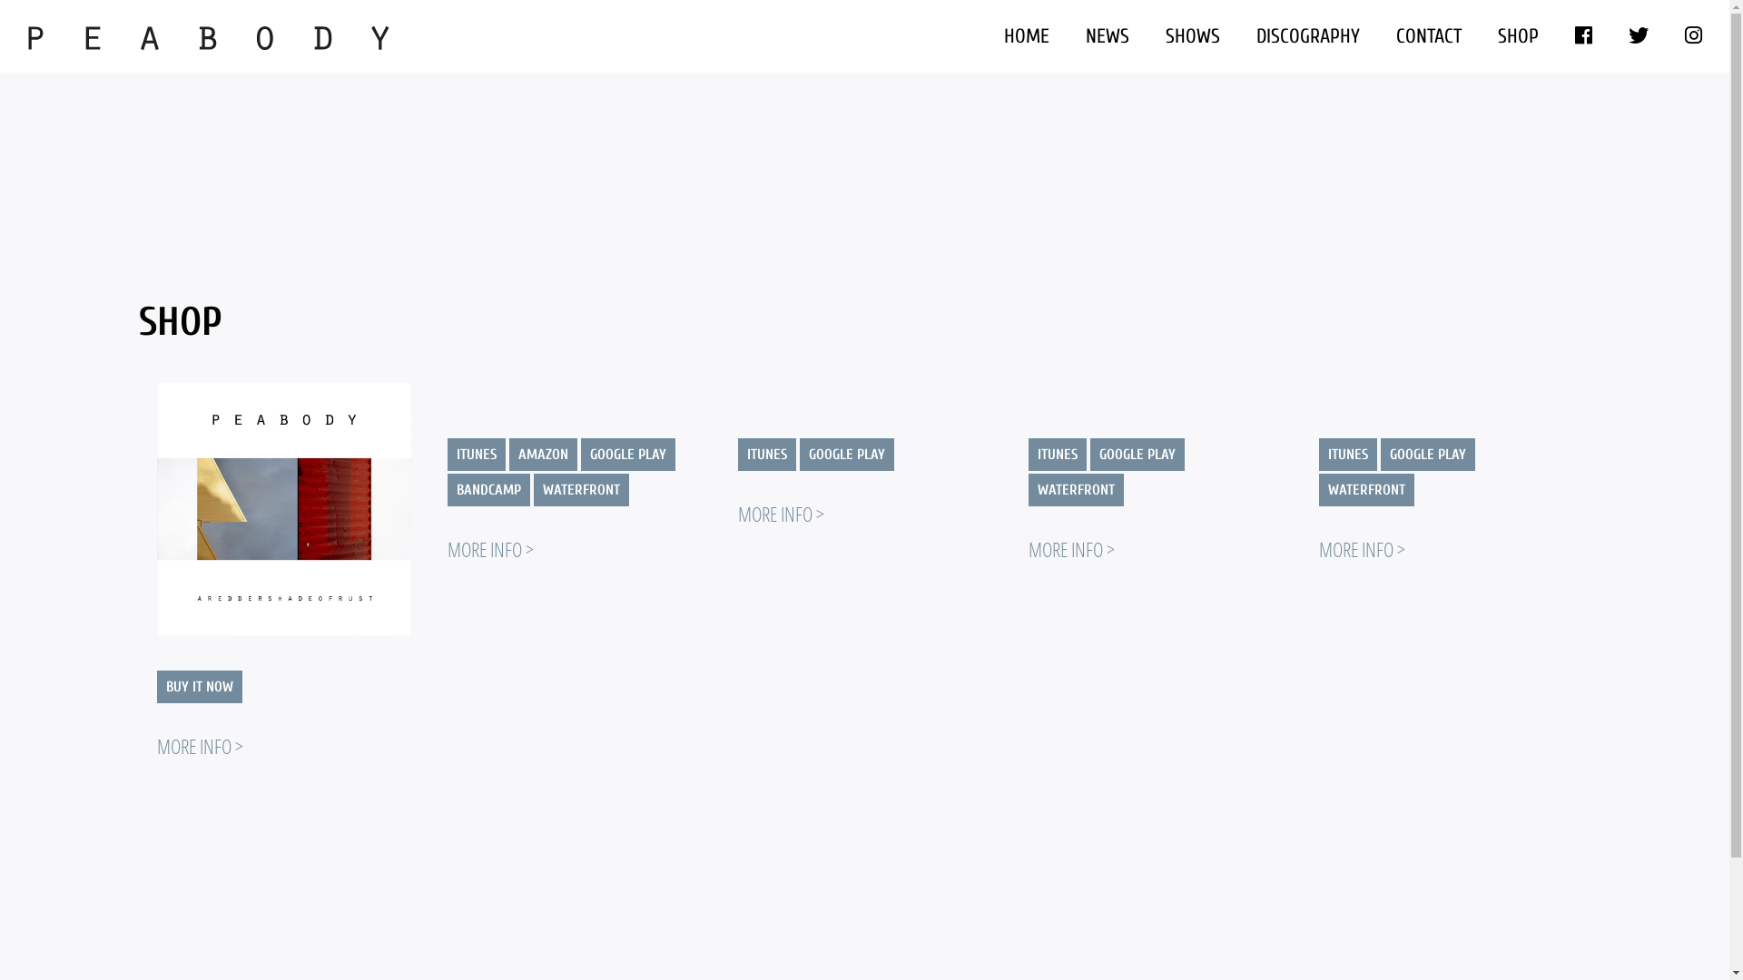 This screenshot has height=980, width=1743. What do you see at coordinates (1428, 35) in the screenshot?
I see `'CONTACT'` at bounding box center [1428, 35].